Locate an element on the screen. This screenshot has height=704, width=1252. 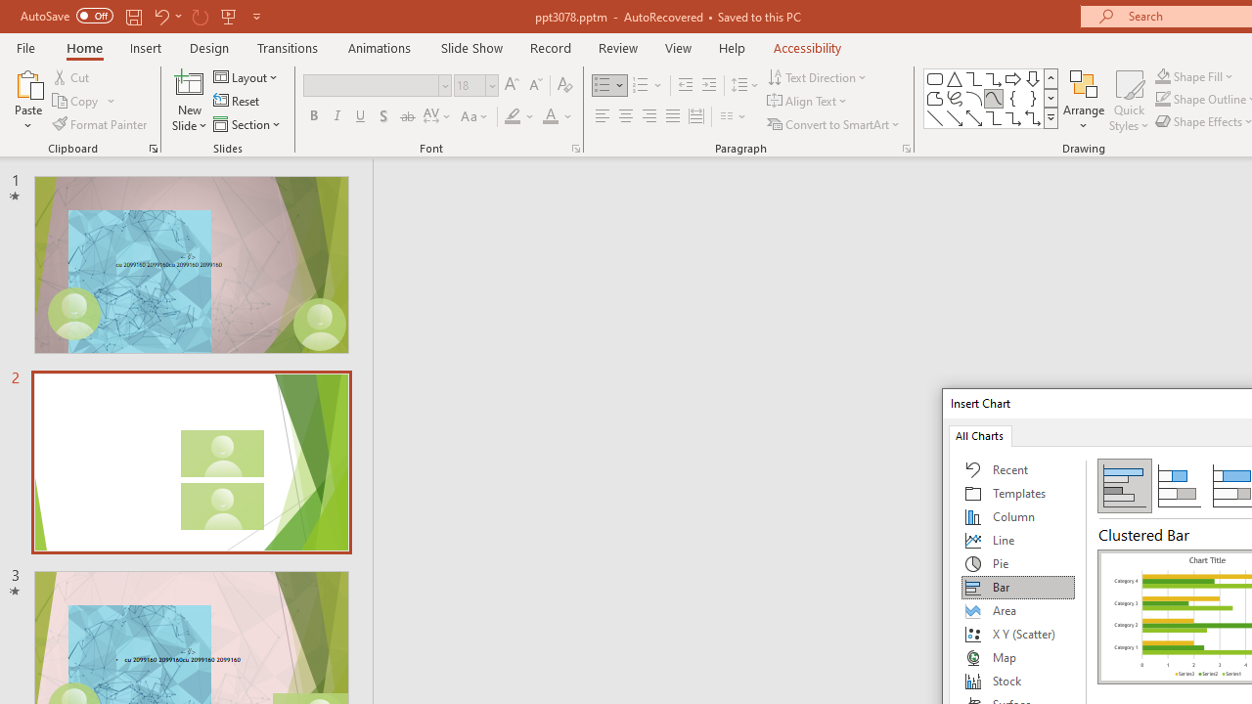
'Strikethrough' is located at coordinates (406, 116).